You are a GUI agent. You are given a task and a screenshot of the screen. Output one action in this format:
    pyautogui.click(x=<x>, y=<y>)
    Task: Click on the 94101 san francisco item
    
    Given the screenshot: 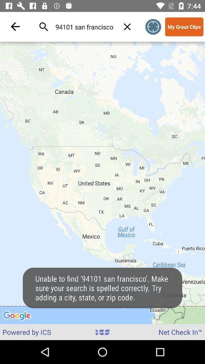 What is the action you would take?
    pyautogui.click(x=84, y=27)
    